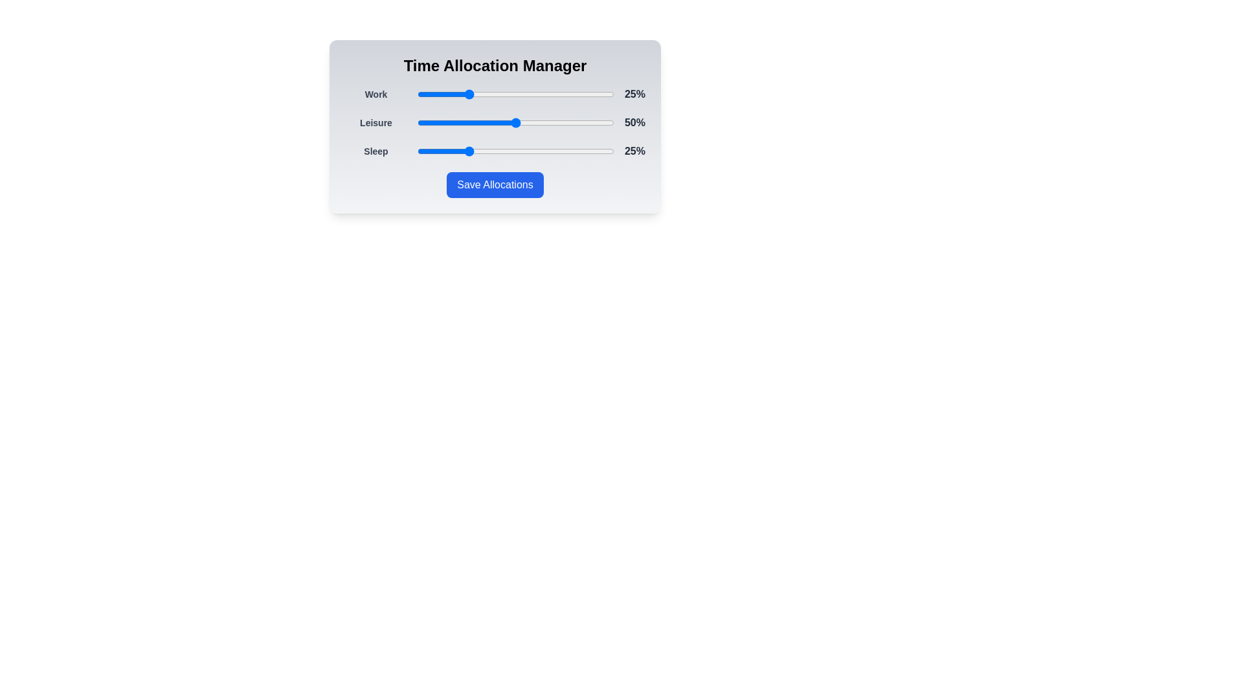 This screenshot has height=699, width=1243. Describe the element at coordinates (469, 94) in the screenshot. I see `the Work slider to 27%` at that location.